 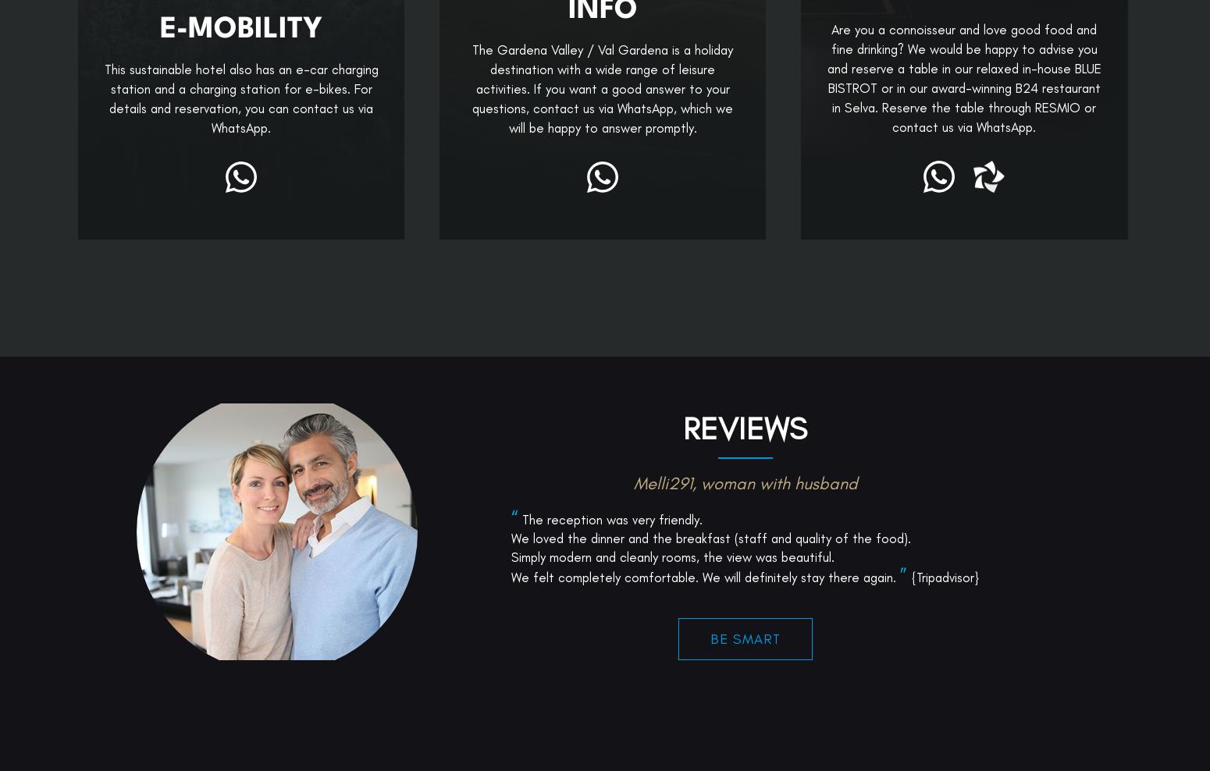 I want to click on 'Reviews', so click(x=744, y=428).